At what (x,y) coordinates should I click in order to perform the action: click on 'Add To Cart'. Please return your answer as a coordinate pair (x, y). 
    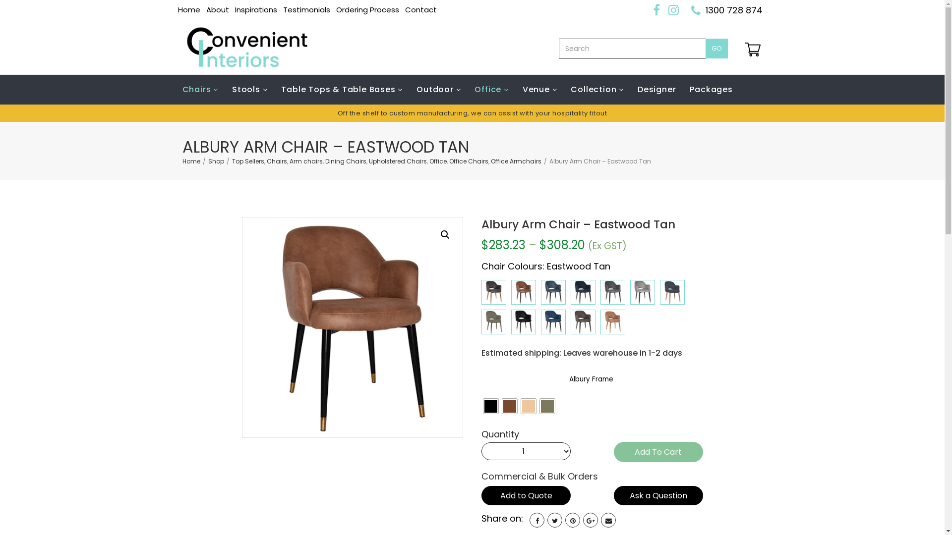
    Looking at the image, I should click on (658, 452).